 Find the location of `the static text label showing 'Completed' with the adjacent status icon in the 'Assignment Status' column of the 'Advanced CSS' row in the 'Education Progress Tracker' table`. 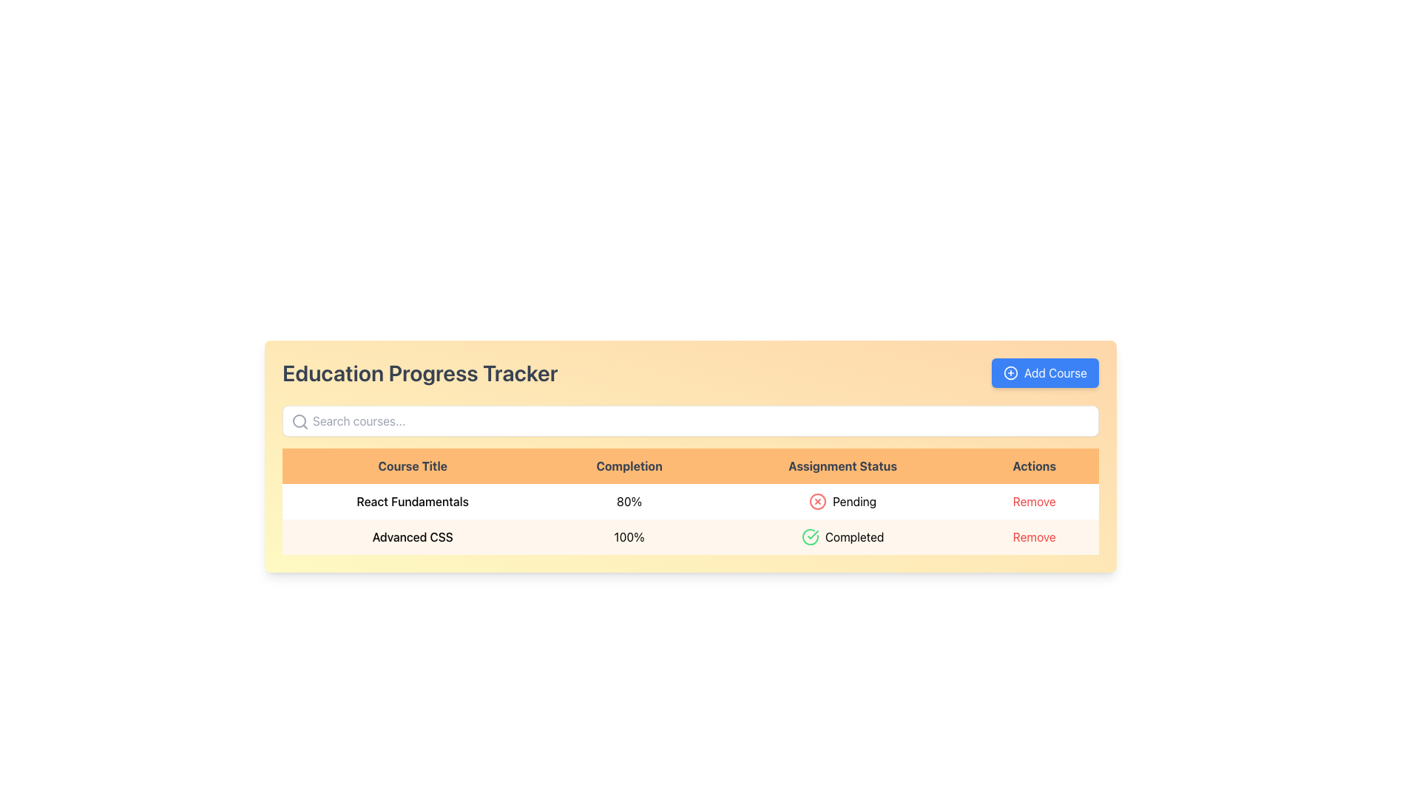

the static text label showing 'Completed' with the adjacent status icon in the 'Assignment Status' column of the 'Advanced CSS' row in the 'Education Progress Tracker' table is located at coordinates (842, 536).